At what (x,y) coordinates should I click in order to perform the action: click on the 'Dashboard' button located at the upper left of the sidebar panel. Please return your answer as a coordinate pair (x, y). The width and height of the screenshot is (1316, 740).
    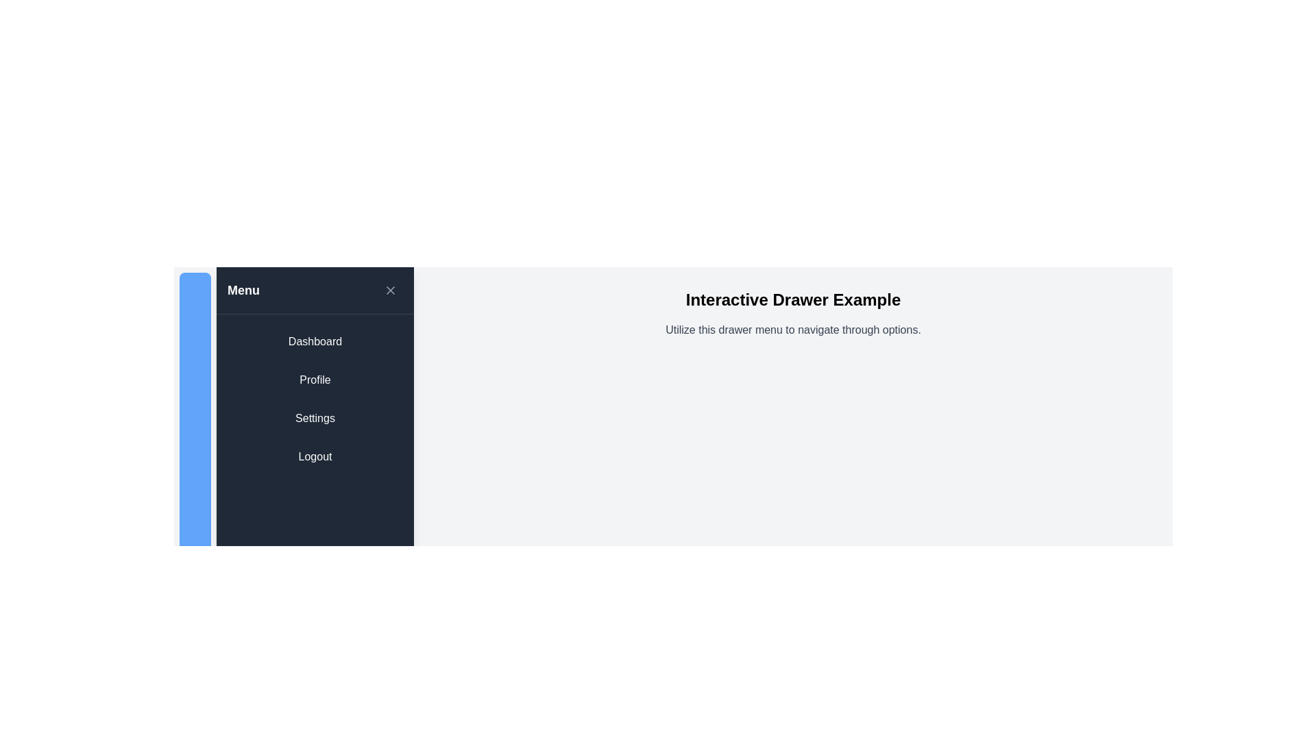
    Looking at the image, I should click on (315, 341).